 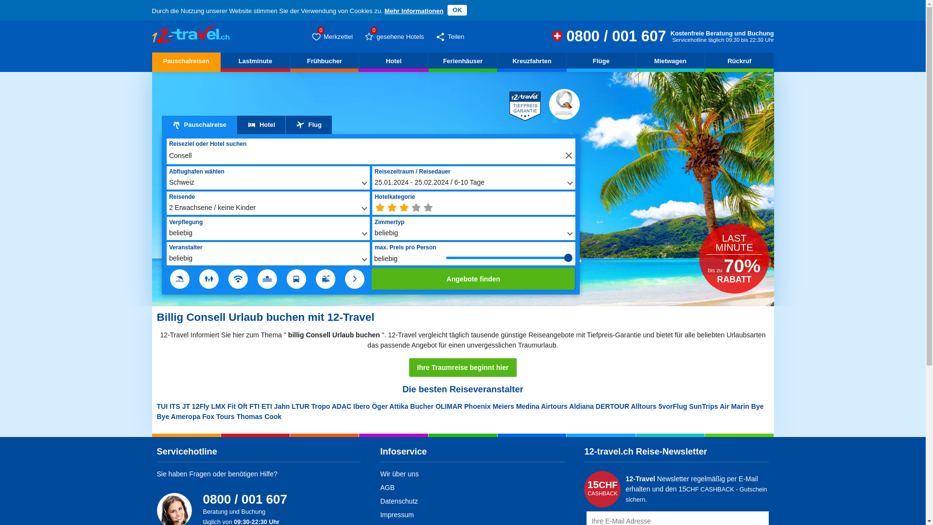 I want to click on 'min. 5 Sterne', so click(x=429, y=209).